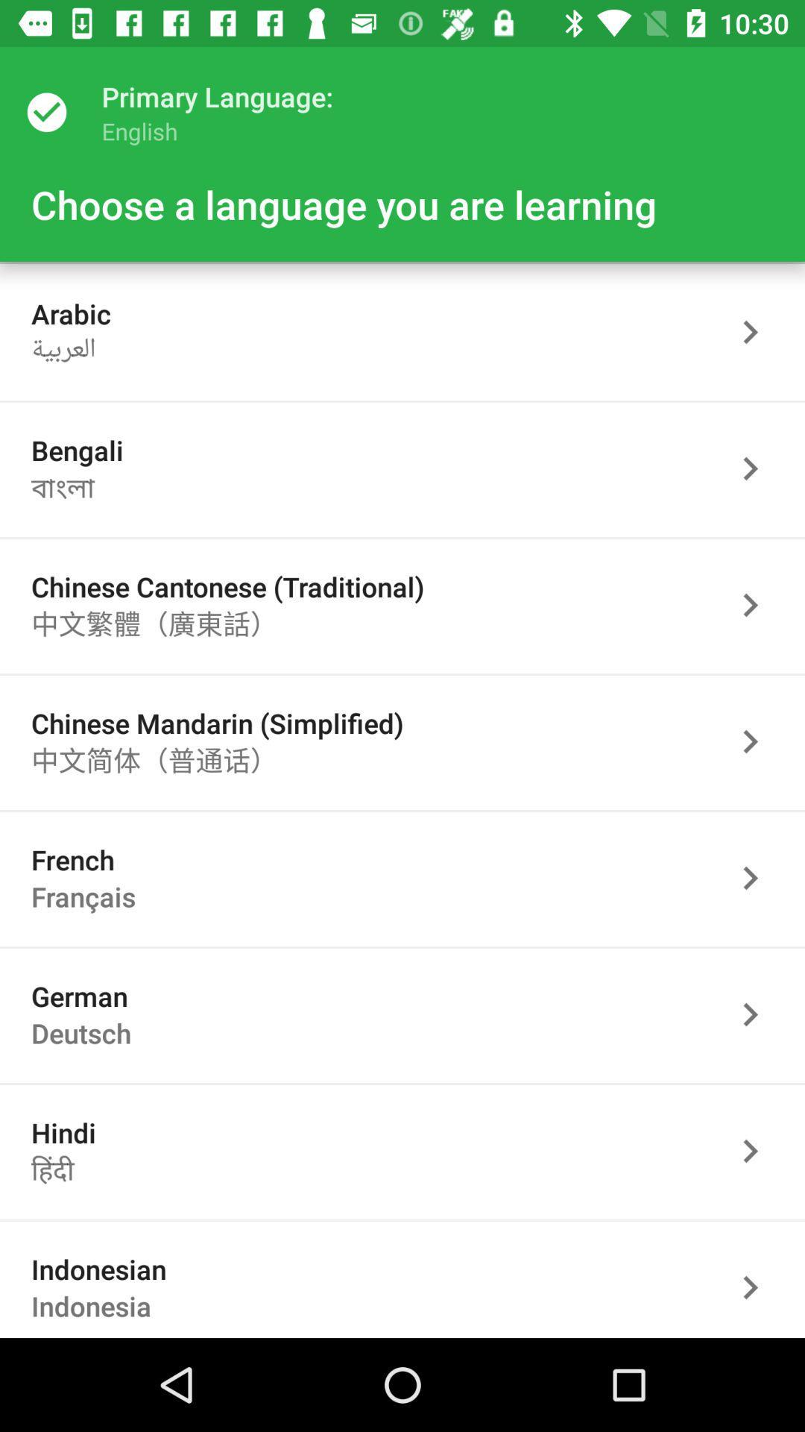  Describe the element at coordinates (758, 468) in the screenshot. I see `language` at that location.